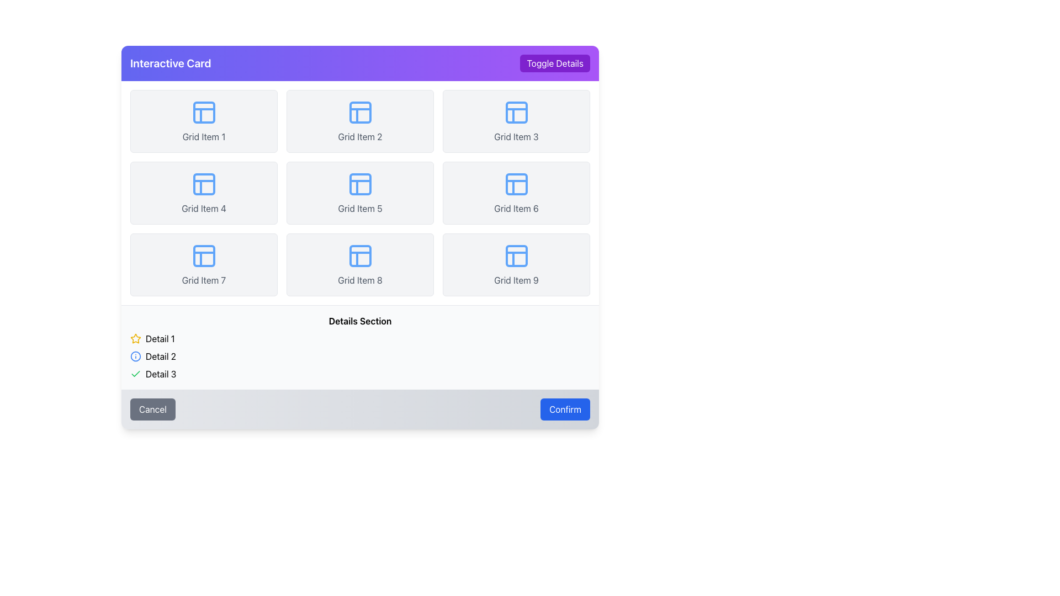 The height and width of the screenshot is (596, 1060). I want to click on the small rectangular shape within the icon of 'Grid Item 8' located in the upper-left quadrant, so click(360, 256).